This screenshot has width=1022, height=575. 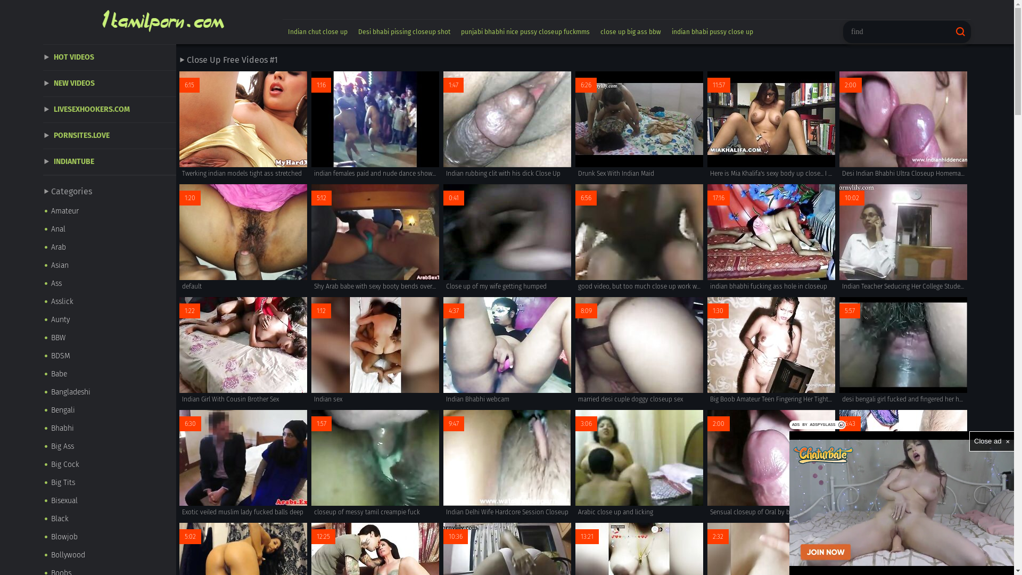 What do you see at coordinates (771, 463) in the screenshot?
I see `'2:00` at bounding box center [771, 463].